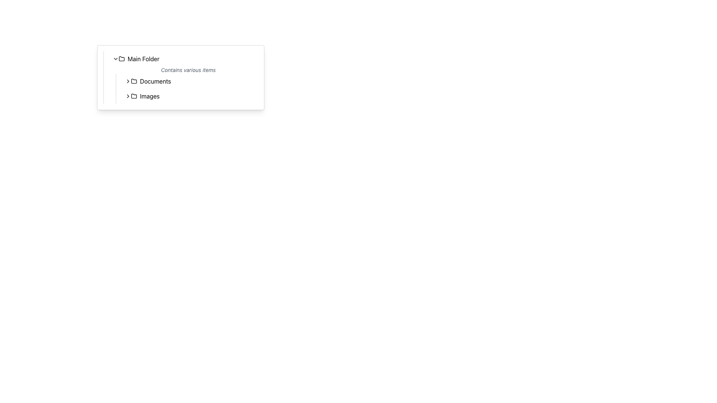  Describe the element at coordinates (190, 96) in the screenshot. I see `the second navigation link for the 'Images' folder located under 'Main Folder'` at that location.